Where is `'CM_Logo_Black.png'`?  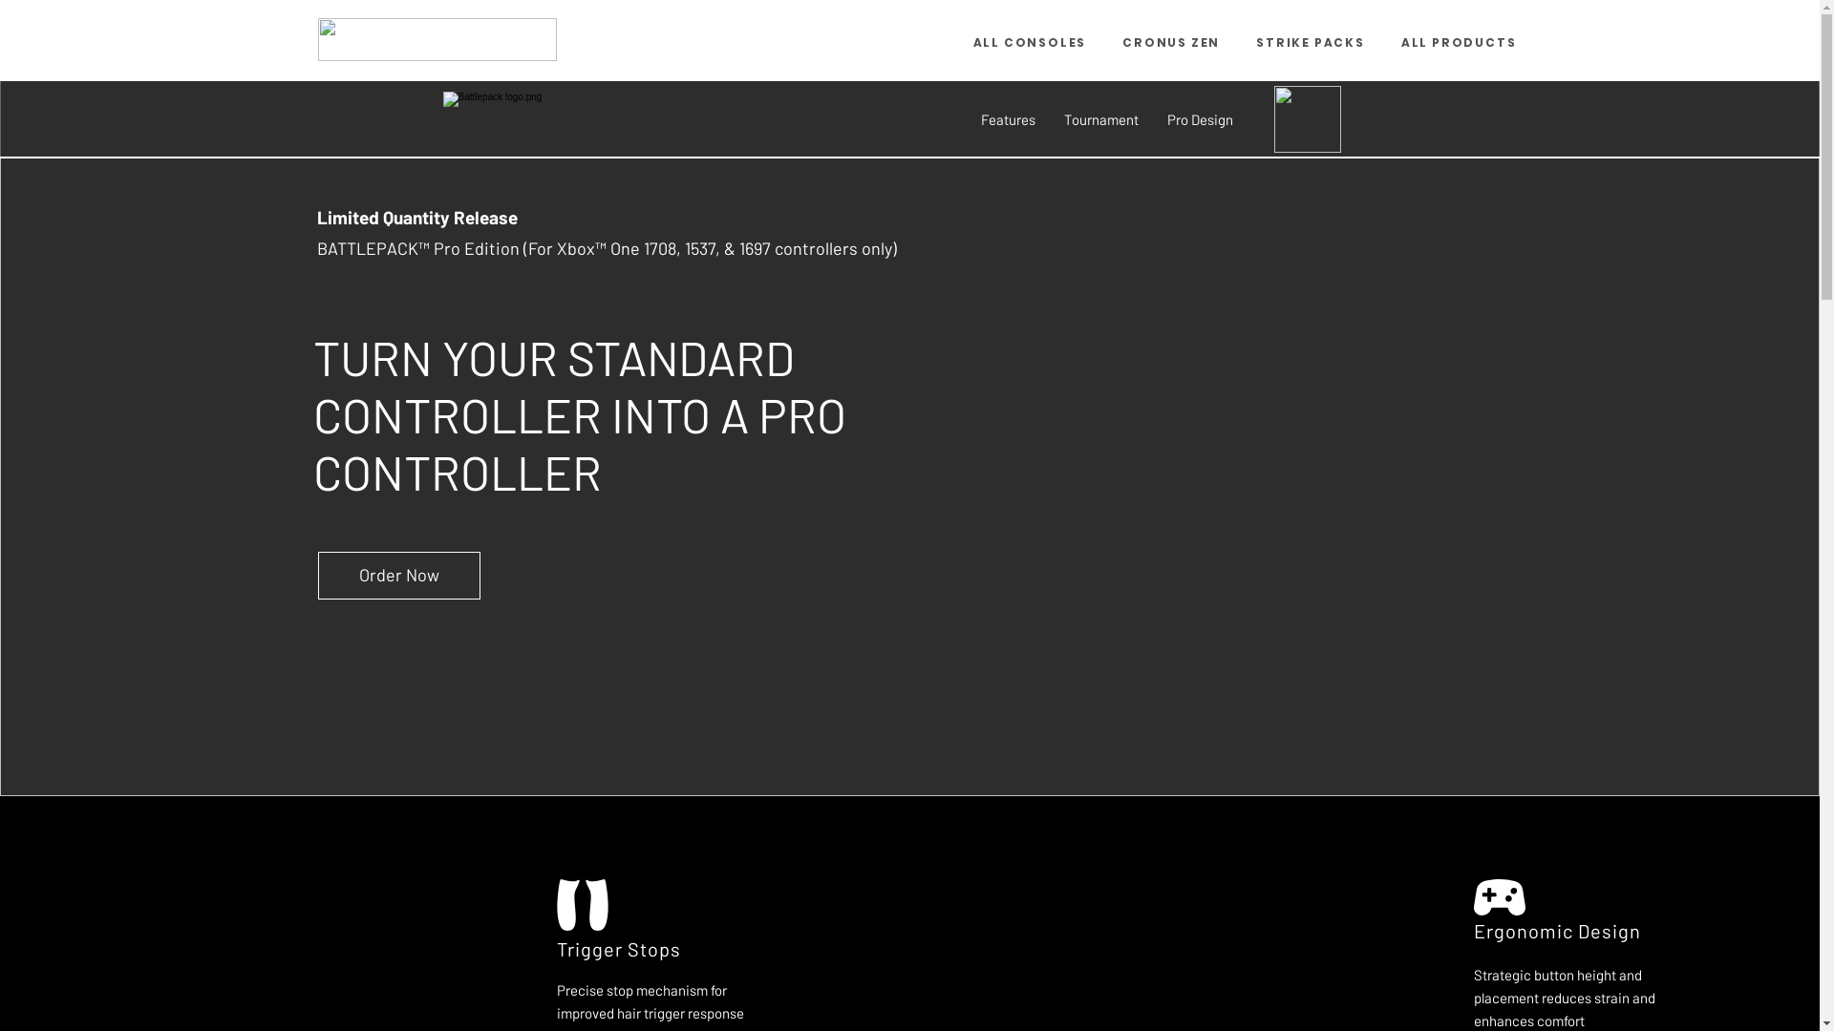 'CM_Logo_Black.png' is located at coordinates (435, 39).